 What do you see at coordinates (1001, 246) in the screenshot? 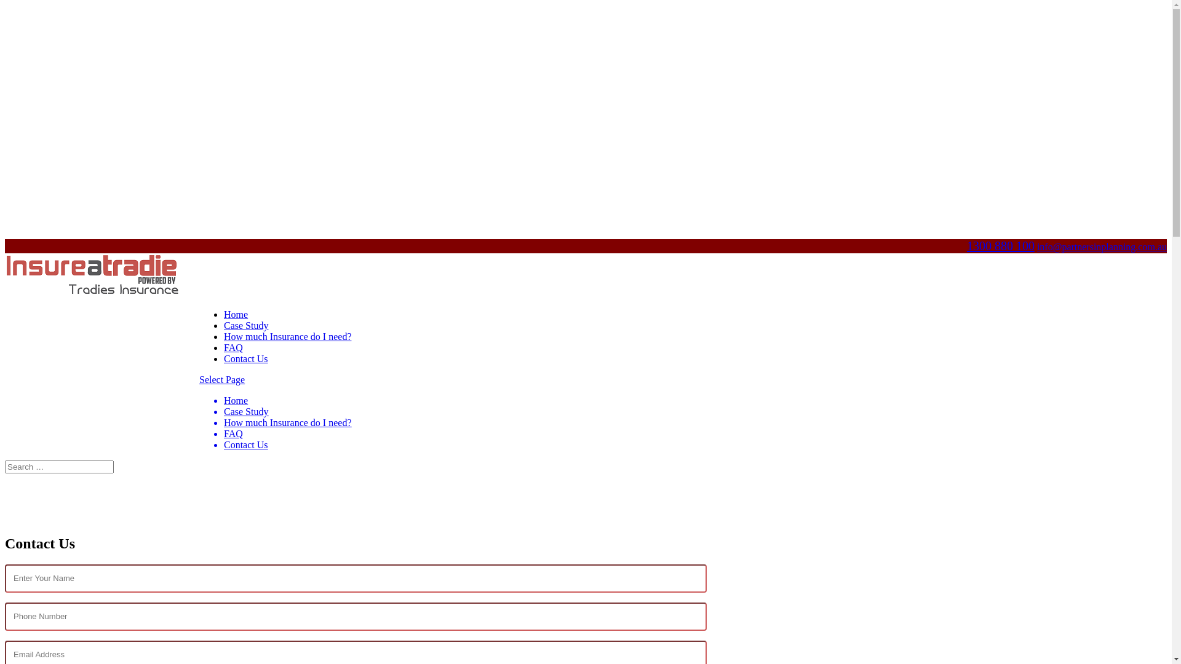
I see `'1300 880 100'` at bounding box center [1001, 246].